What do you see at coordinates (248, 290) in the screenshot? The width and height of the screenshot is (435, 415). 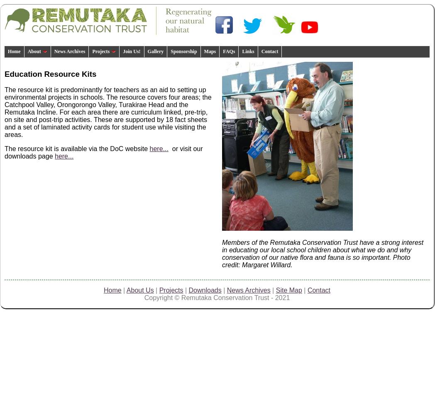 I see `'News Archives'` at bounding box center [248, 290].